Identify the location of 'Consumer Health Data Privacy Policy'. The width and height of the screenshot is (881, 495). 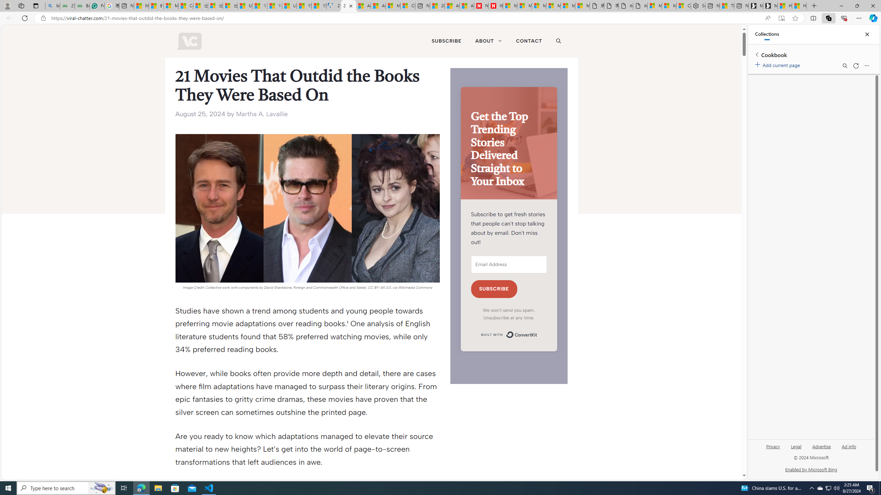
(683, 5).